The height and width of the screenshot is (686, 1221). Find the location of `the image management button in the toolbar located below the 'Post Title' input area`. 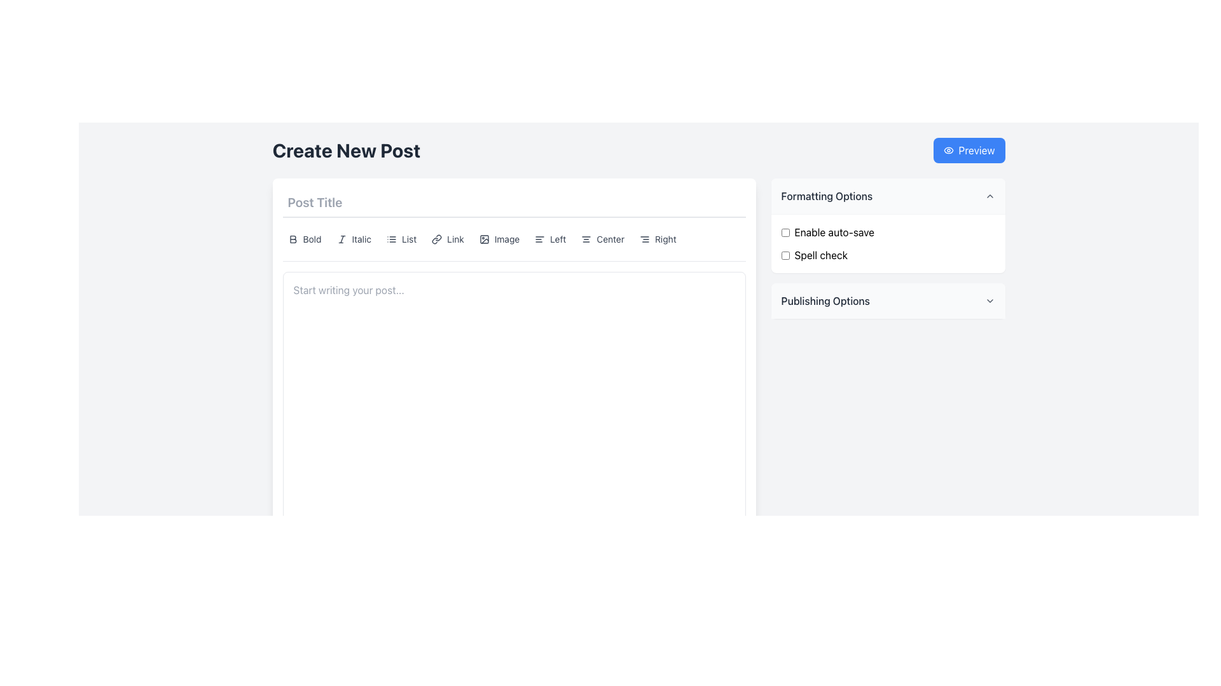

the image management button in the toolbar located below the 'Post Title' input area is located at coordinates (499, 239).